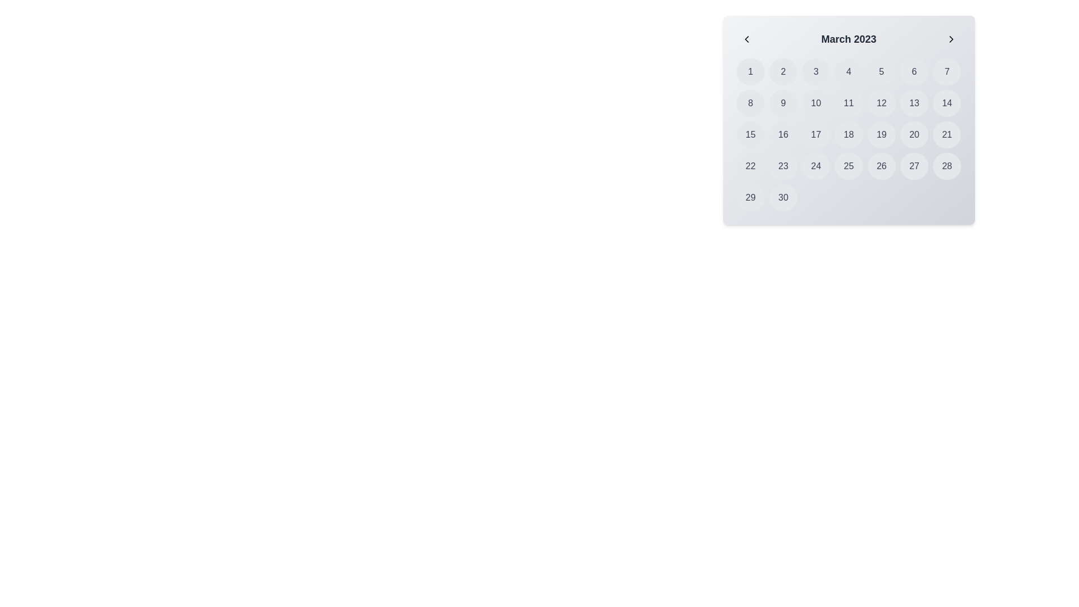 The image size is (1079, 607). Describe the element at coordinates (950, 38) in the screenshot. I see `the chevron-shaped arrow icon button located in the upper-right corner of the calendar interface` at that location.